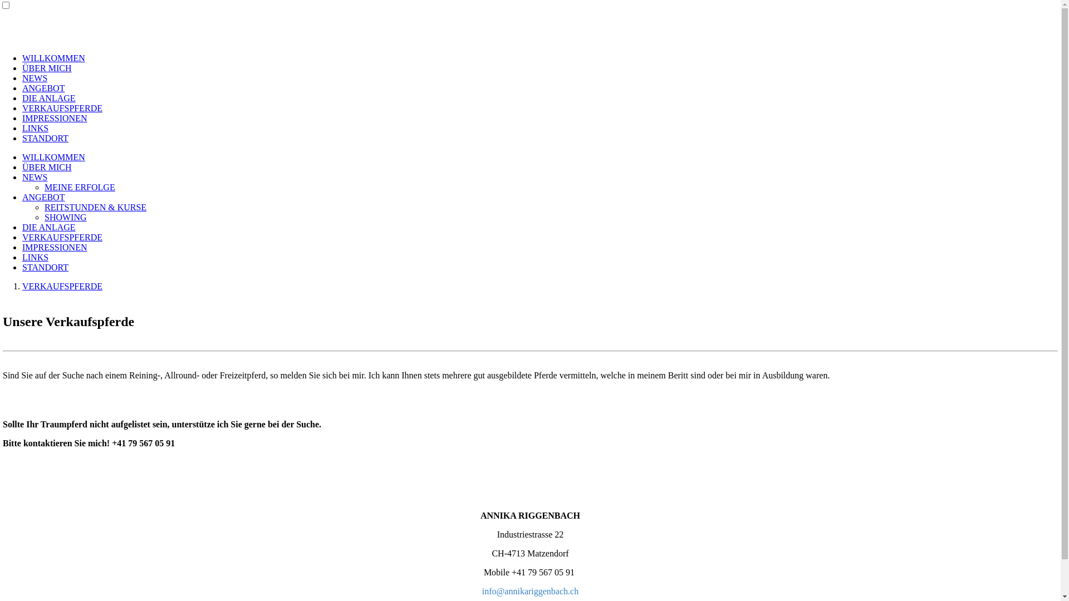 The width and height of the screenshot is (1069, 601). Describe the element at coordinates (53, 247) in the screenshot. I see `'IMPRESSIONEN'` at that location.